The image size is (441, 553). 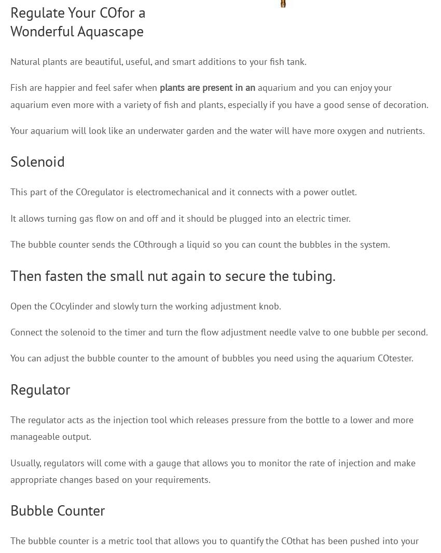 What do you see at coordinates (9, 358) in the screenshot?
I see `'You can adjust the bubble counter to the amount of bubbles you need using the aquarium COtester.'` at bounding box center [9, 358].